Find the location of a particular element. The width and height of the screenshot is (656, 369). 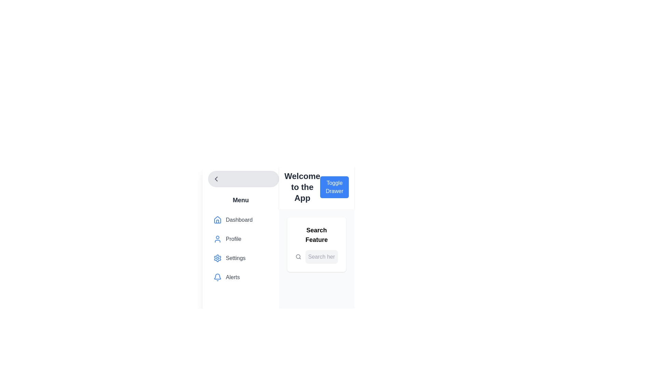

the Text header that labels the 'Search Feature' section, which is positioned above the input field and near the 'Welcome to the App' header is located at coordinates (316, 234).